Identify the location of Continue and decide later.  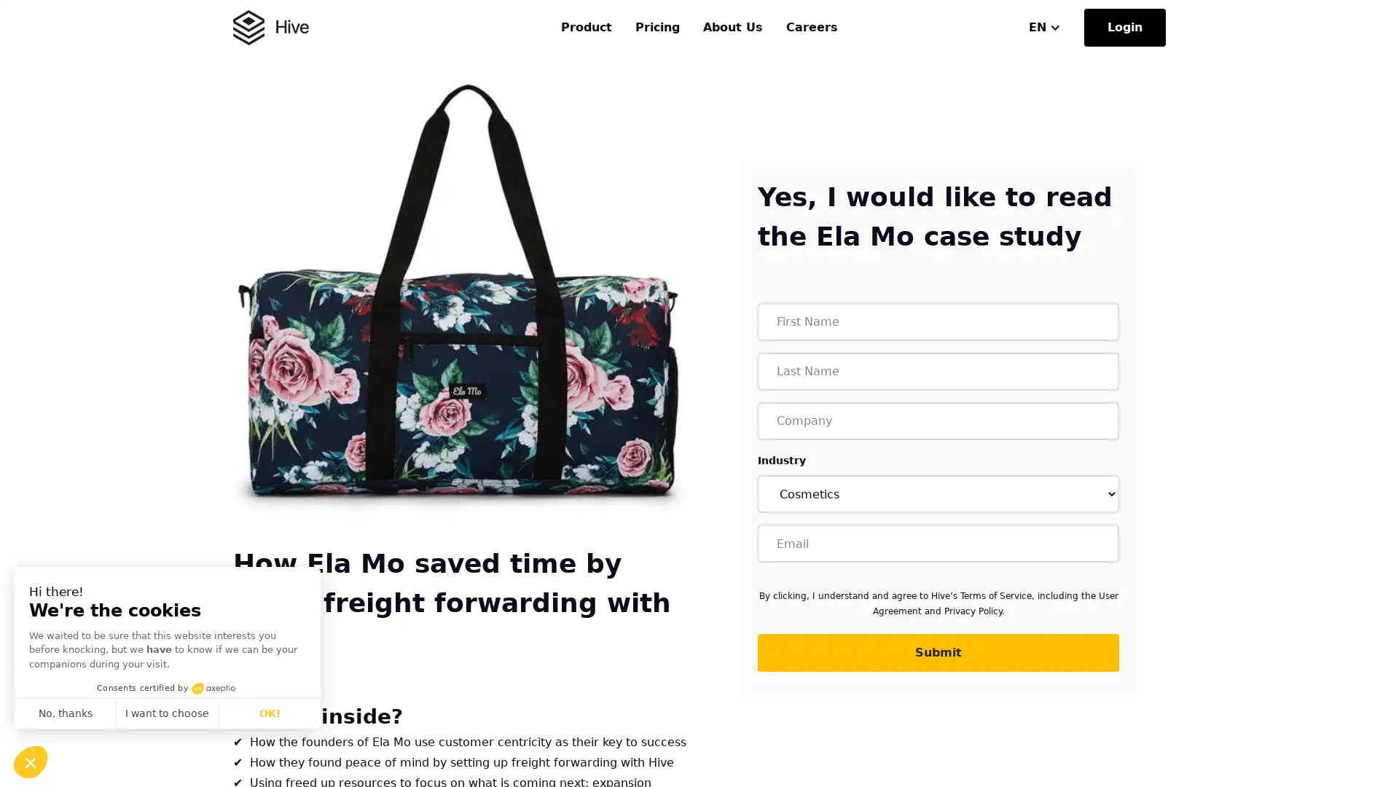
(31, 761).